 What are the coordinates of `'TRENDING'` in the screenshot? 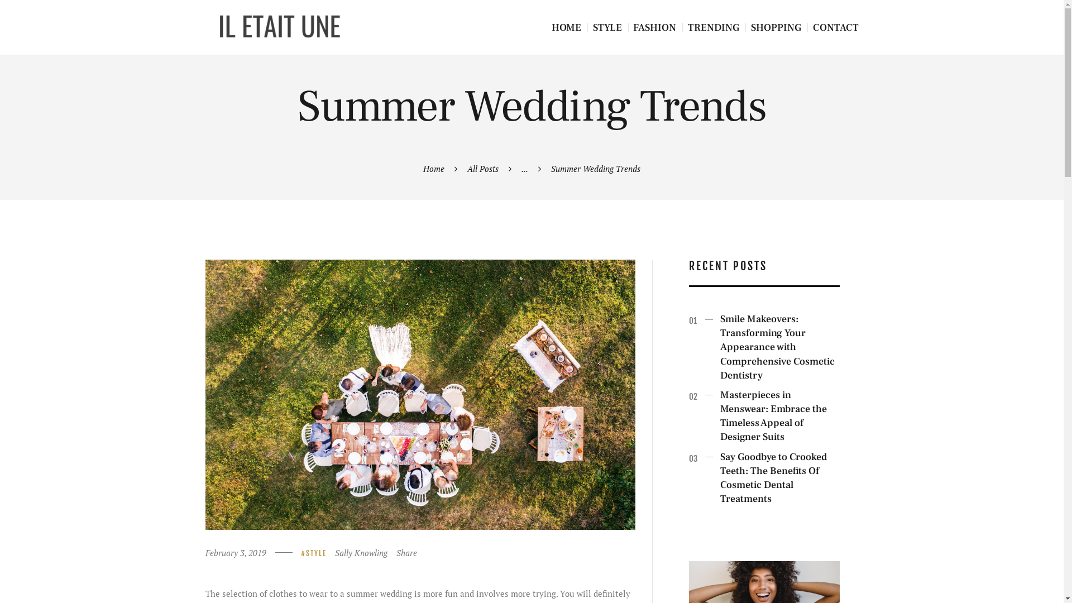 It's located at (712, 27).